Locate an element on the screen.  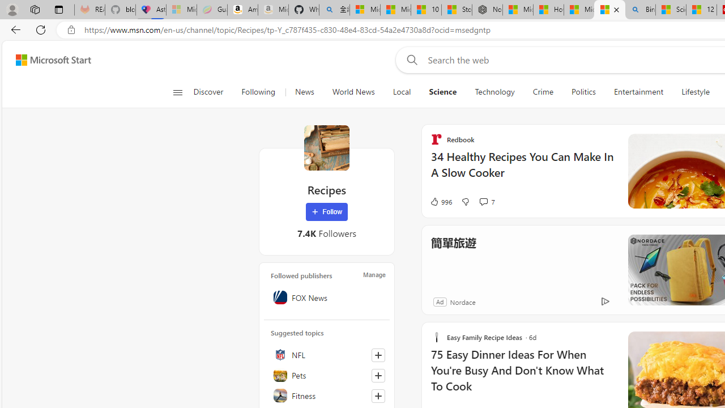
'FOX News' is located at coordinates (326, 297).